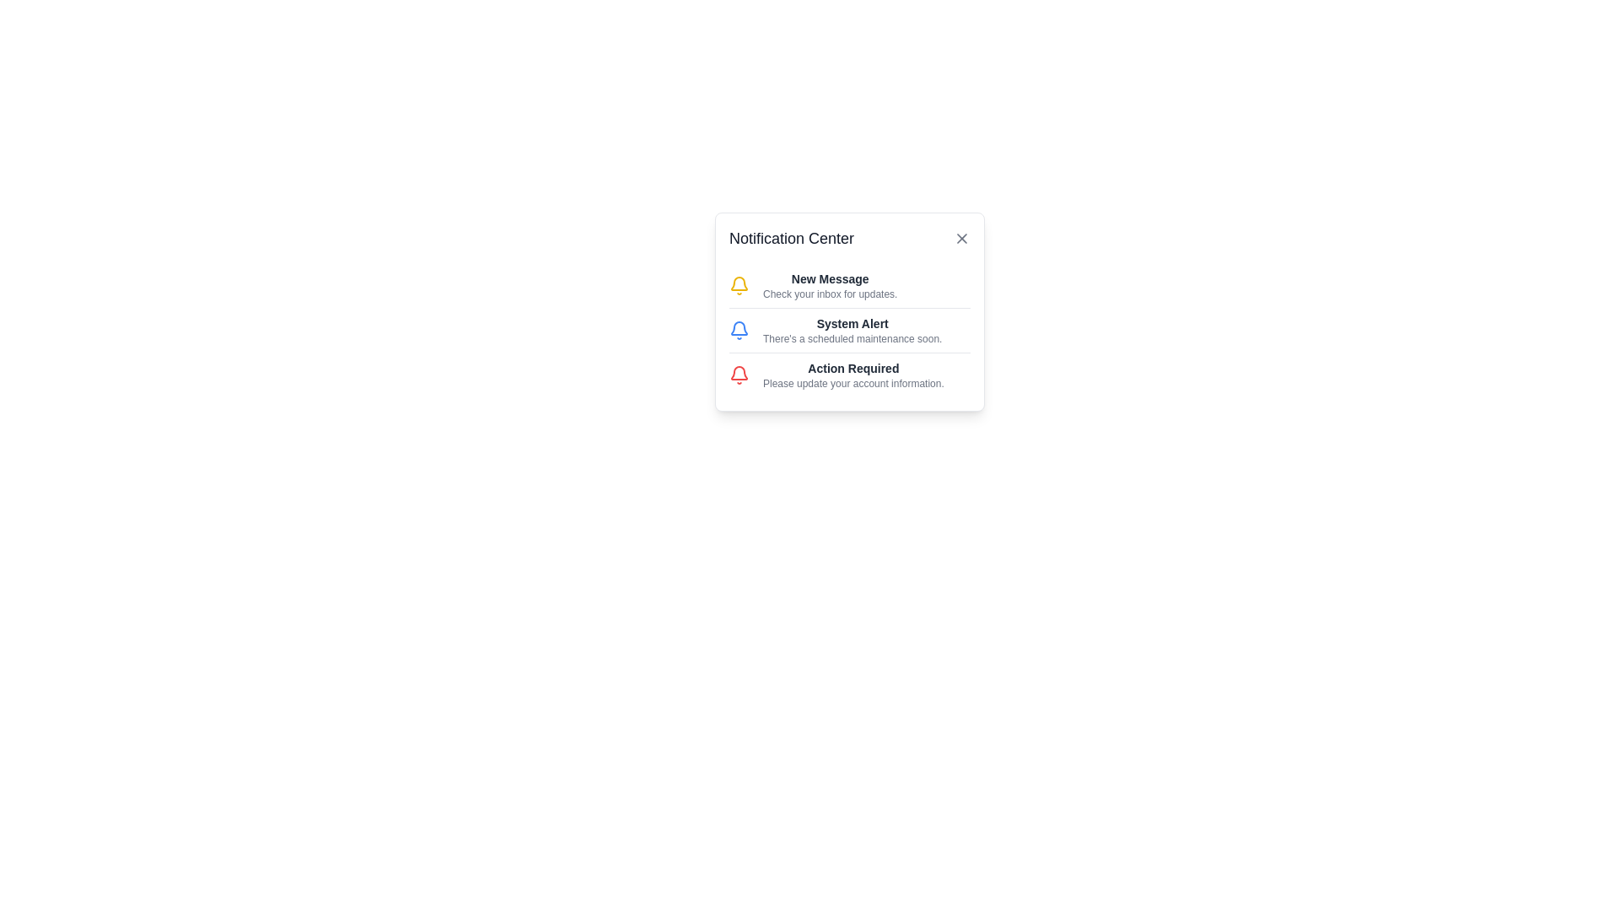  Describe the element at coordinates (853, 374) in the screenshot. I see `the text display element that shows 'Action Required' and 'Please update your account information' in the third notification row of the notification card` at that location.